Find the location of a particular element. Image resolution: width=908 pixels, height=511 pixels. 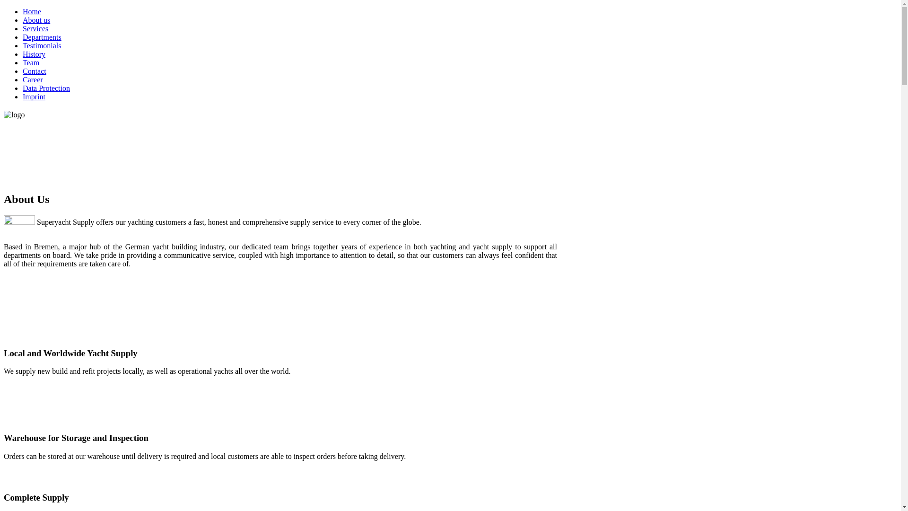

'Services' is located at coordinates (35, 28).